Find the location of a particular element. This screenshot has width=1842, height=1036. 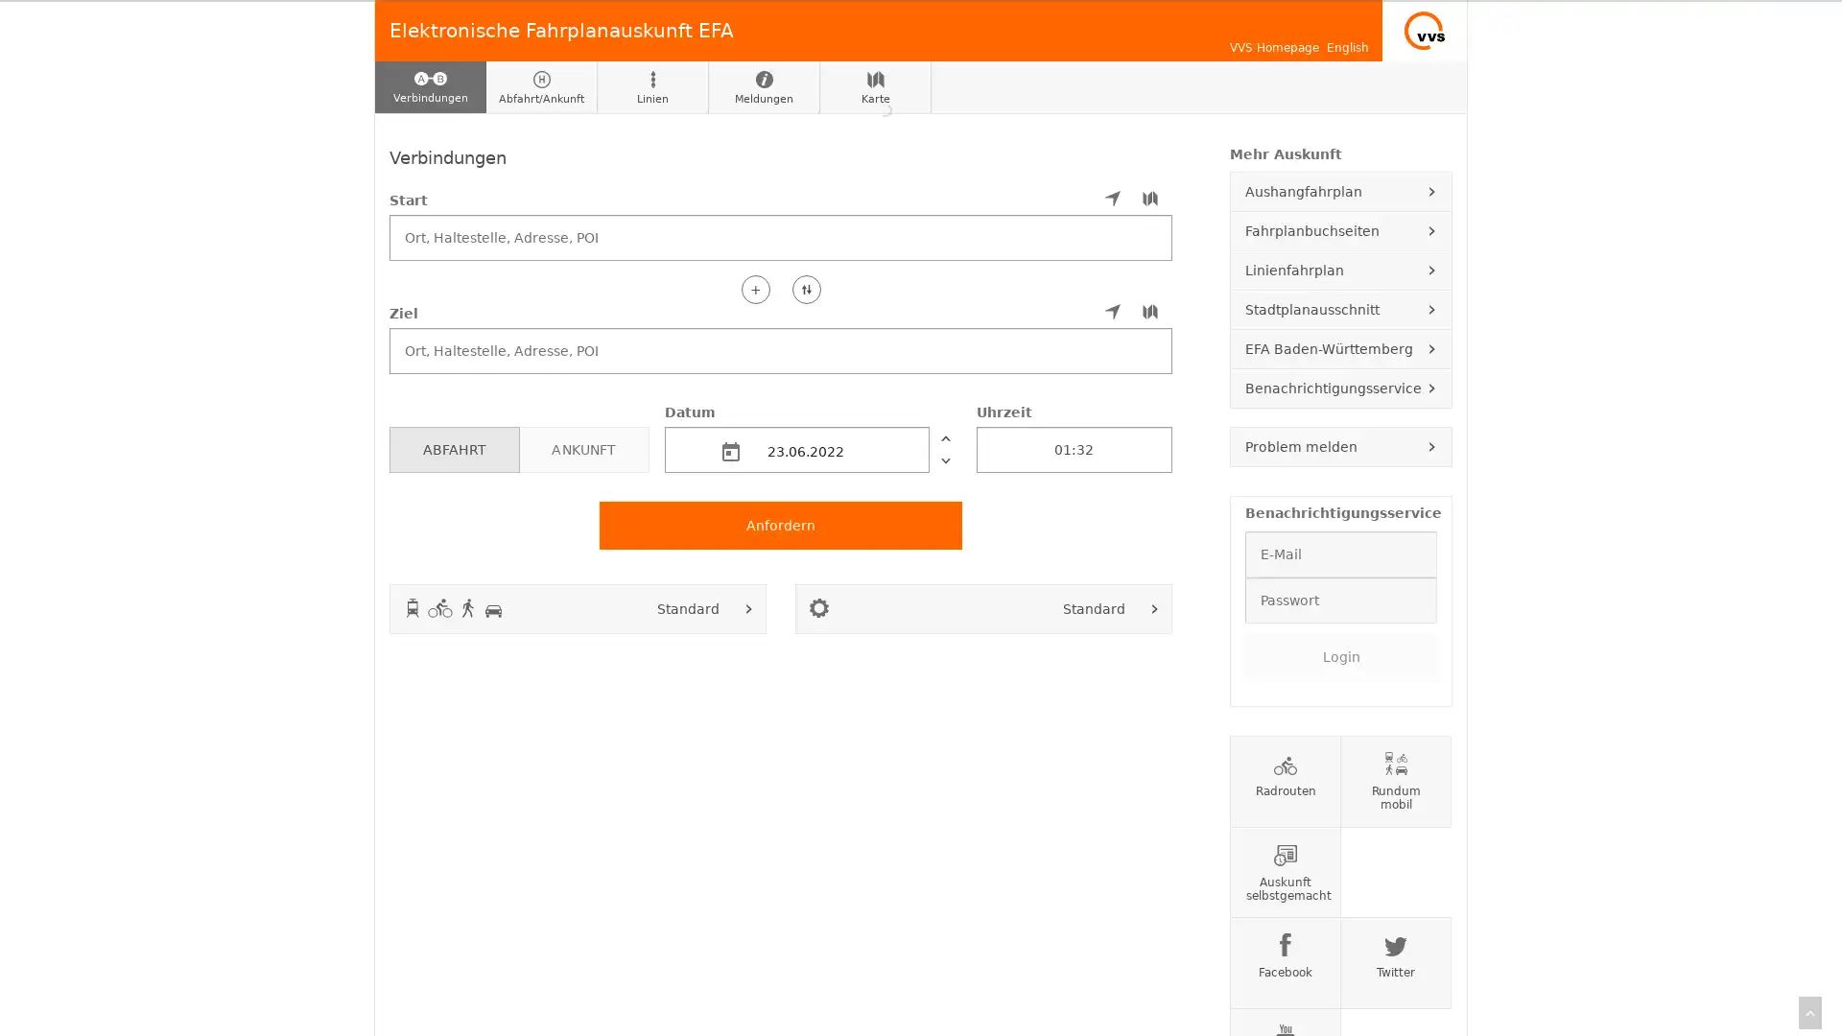

Abfahrt/Ankunft is located at coordinates (541, 87).